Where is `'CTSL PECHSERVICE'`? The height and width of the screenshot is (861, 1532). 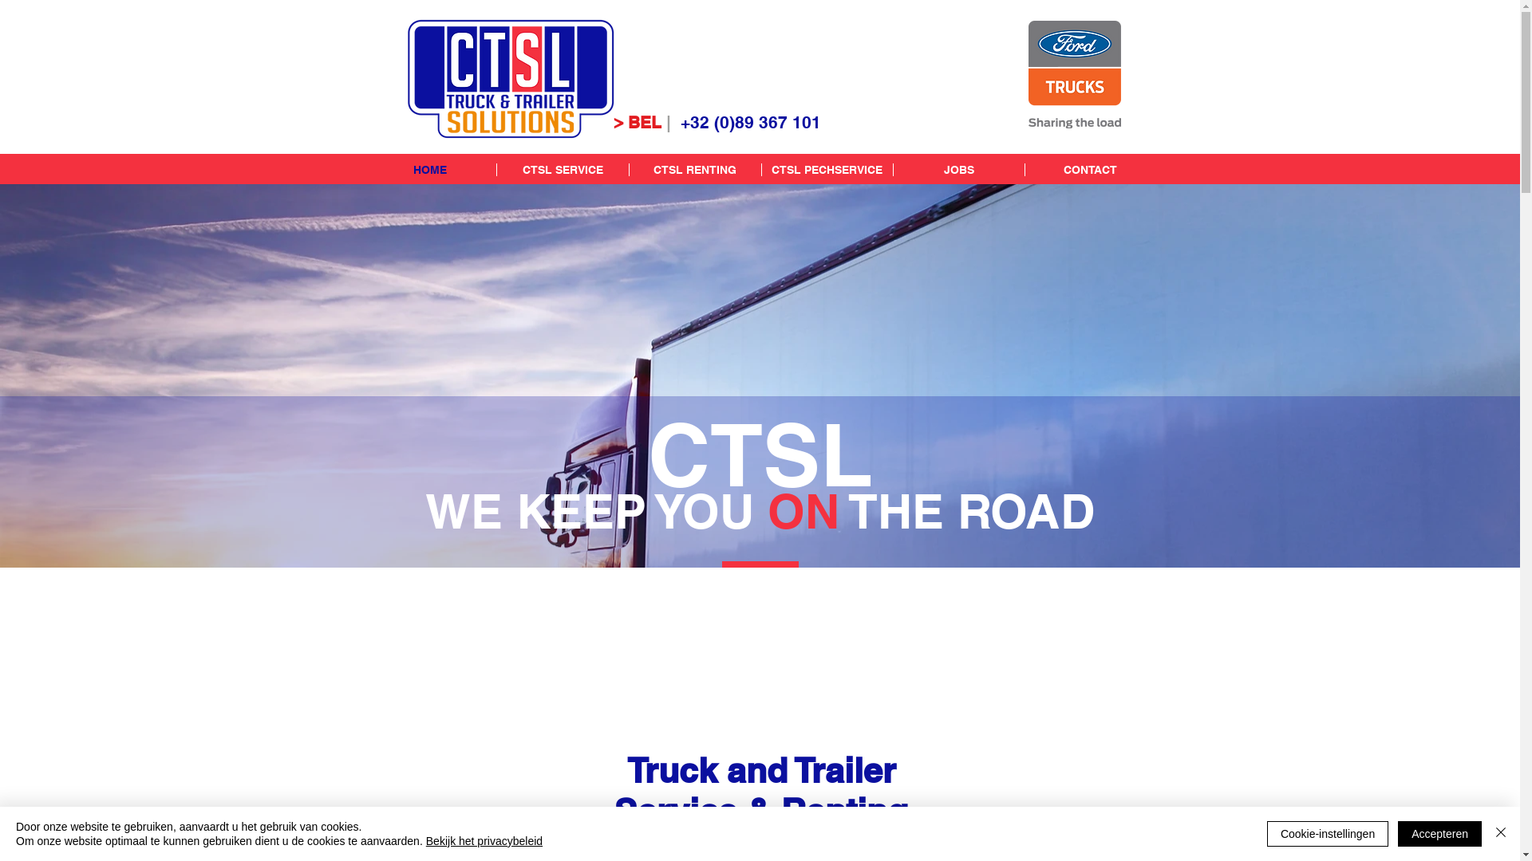 'CTSL PECHSERVICE' is located at coordinates (827, 169).